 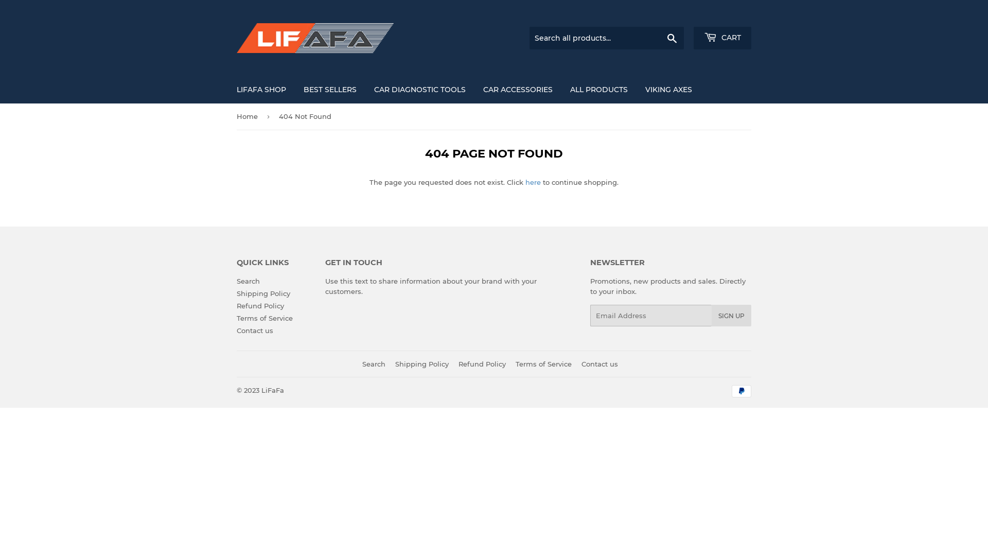 What do you see at coordinates (249, 116) in the screenshot?
I see `'Home'` at bounding box center [249, 116].